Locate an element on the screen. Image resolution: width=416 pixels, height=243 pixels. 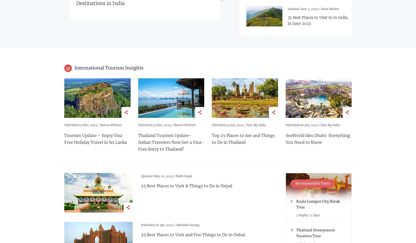
'29 Jun, 2023 /' is located at coordinates (236, 125).